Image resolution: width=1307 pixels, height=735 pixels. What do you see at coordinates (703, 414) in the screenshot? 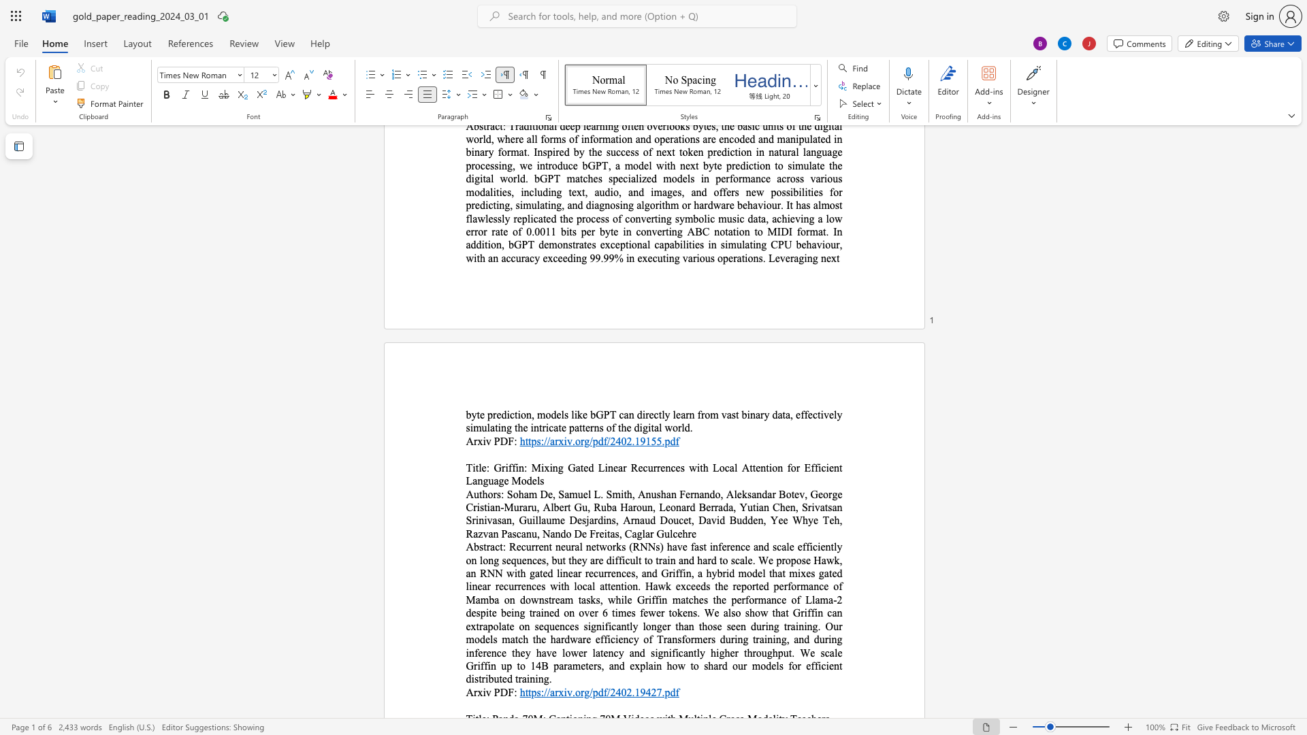
I see `the 4th character "r" in the text` at bounding box center [703, 414].